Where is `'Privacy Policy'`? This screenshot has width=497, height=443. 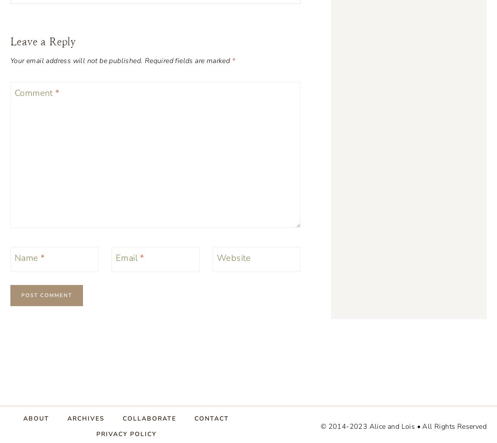
'Privacy Policy' is located at coordinates (126, 434).